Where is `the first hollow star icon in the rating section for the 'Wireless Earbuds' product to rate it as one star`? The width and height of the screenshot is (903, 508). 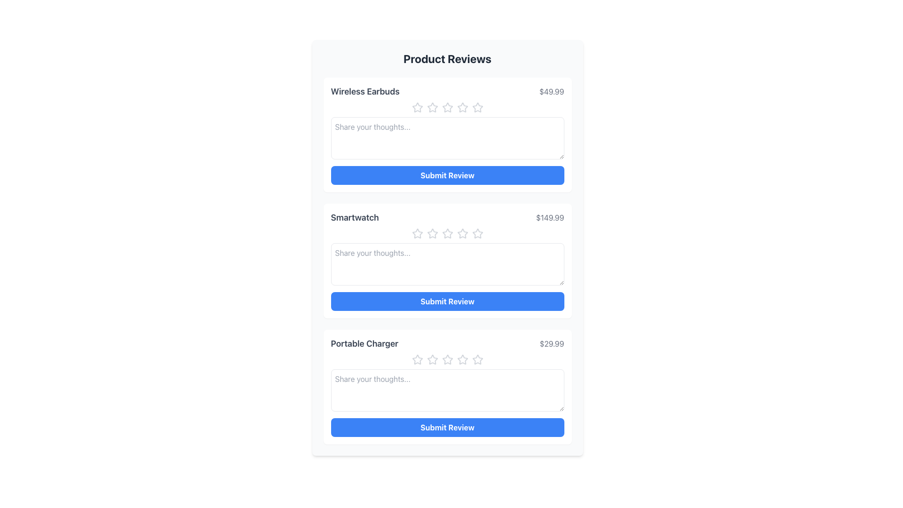 the first hollow star icon in the rating section for the 'Wireless Earbuds' product to rate it as one star is located at coordinates (417, 107).